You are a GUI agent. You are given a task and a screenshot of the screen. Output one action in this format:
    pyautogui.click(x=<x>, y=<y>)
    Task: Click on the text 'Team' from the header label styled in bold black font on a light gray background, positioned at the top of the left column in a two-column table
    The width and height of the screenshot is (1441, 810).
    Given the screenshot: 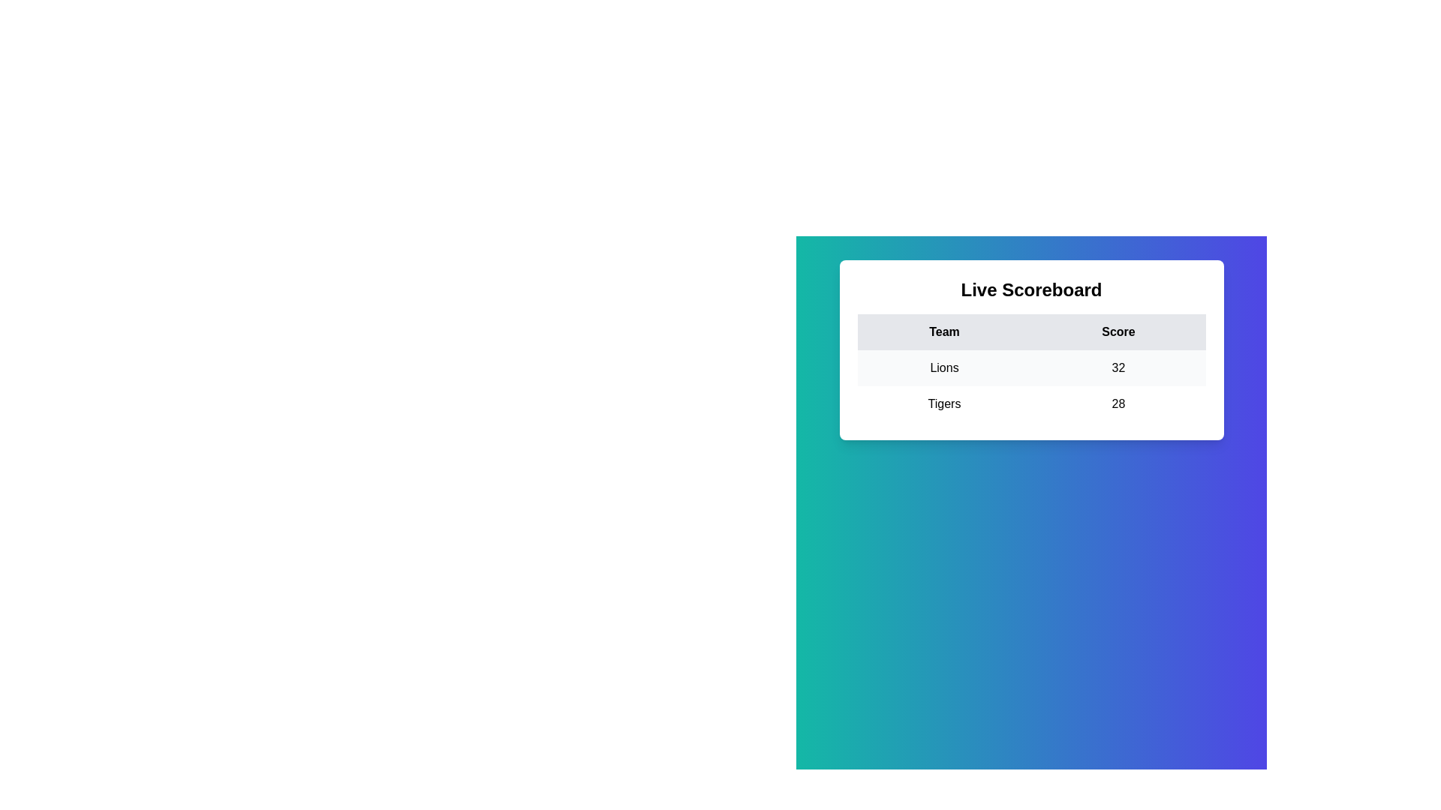 What is the action you would take?
    pyautogui.click(x=943, y=331)
    